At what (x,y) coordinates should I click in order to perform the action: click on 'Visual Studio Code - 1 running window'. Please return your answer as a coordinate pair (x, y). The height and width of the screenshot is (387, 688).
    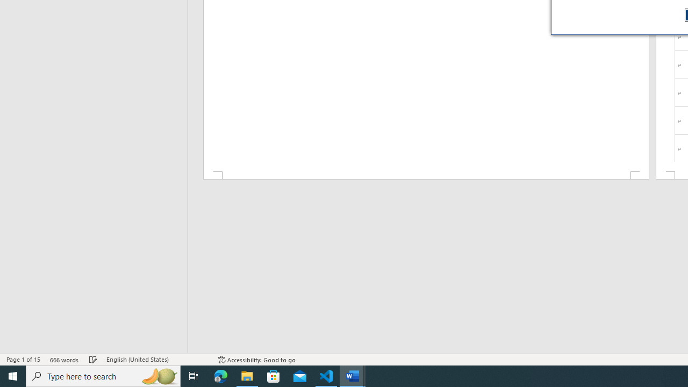
    Looking at the image, I should click on (326, 375).